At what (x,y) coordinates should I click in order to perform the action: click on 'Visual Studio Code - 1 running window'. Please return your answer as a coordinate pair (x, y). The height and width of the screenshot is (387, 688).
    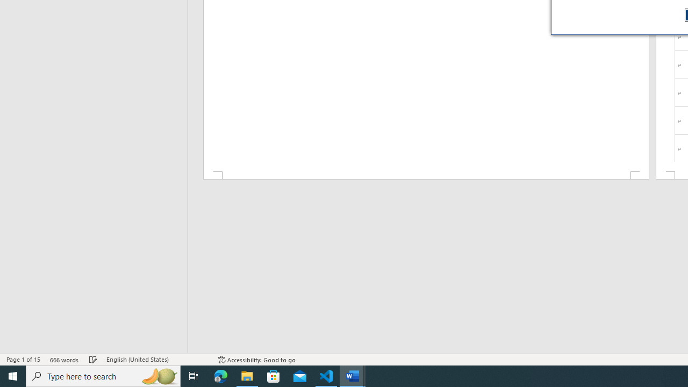
    Looking at the image, I should click on (326, 375).